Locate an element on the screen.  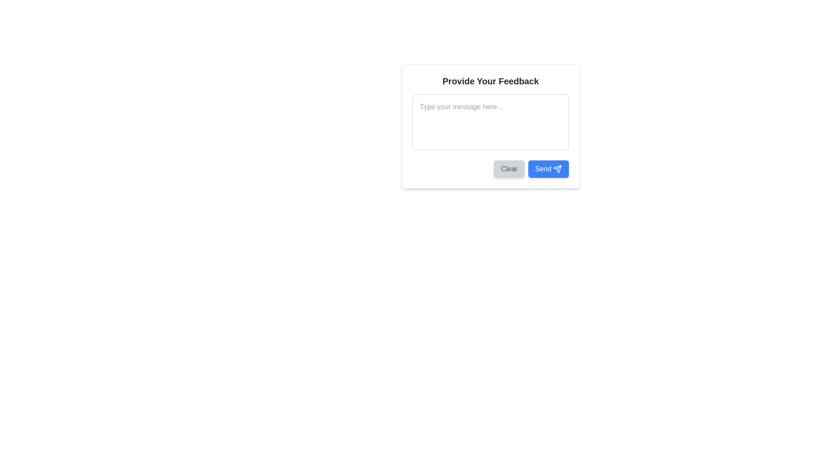
the 'Send' button is located at coordinates (543, 169).